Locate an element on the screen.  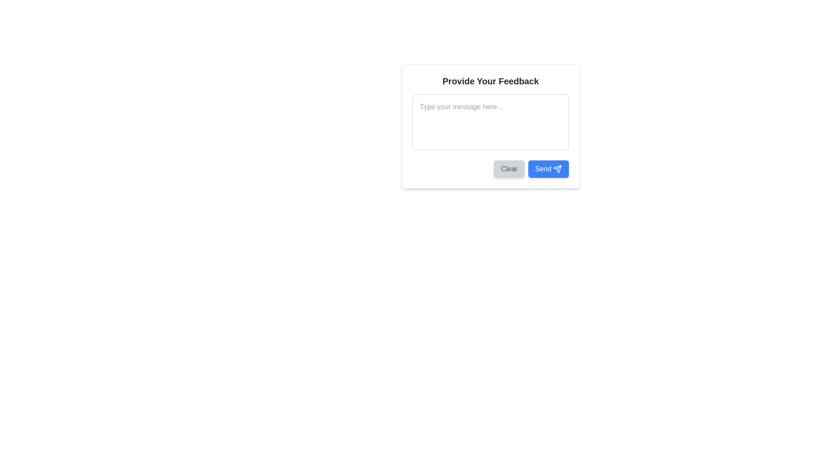
the 'Send' button is located at coordinates (543, 169).